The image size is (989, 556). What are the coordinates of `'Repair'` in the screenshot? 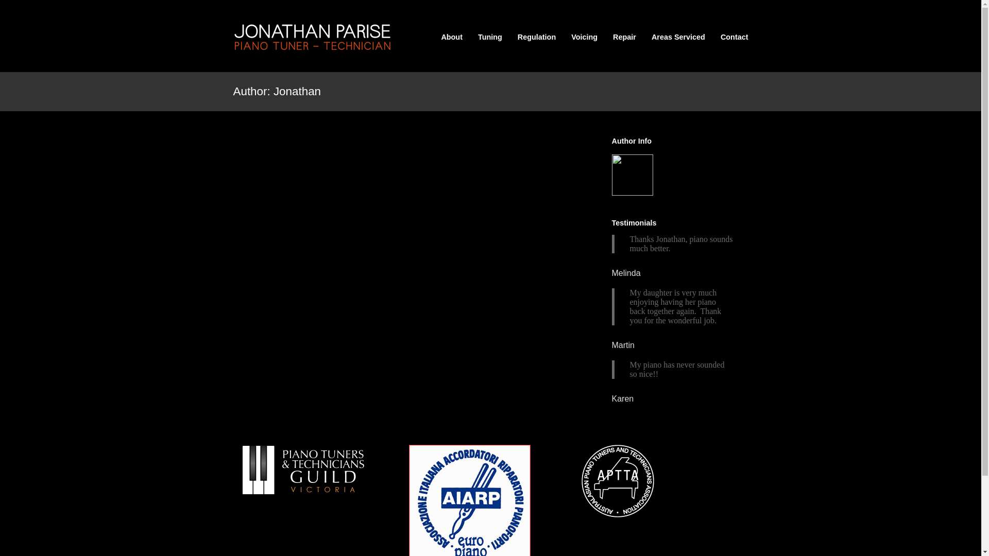 It's located at (613, 37).